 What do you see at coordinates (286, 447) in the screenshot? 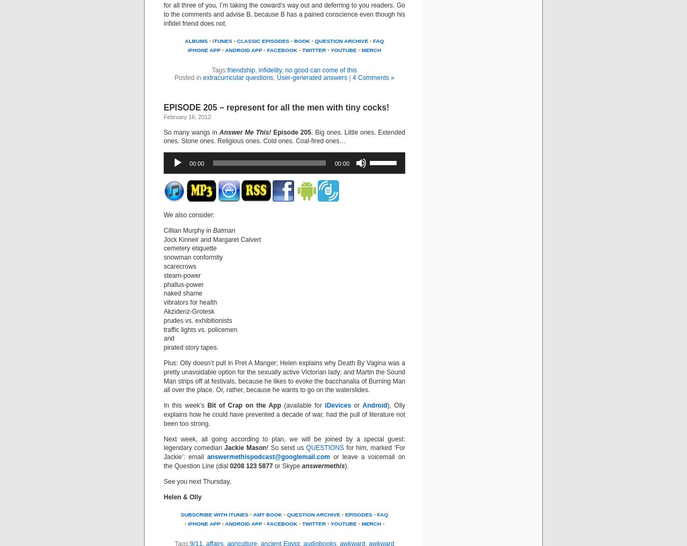
I see `'! So send us'` at bounding box center [286, 447].